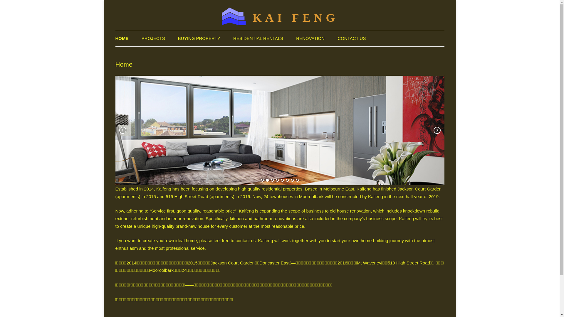 The image size is (564, 317). I want to click on 'CONTACT US', so click(351, 38).